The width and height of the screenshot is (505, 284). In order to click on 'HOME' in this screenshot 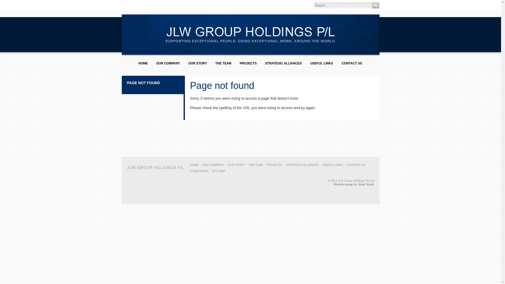, I will do `click(194, 165)`.